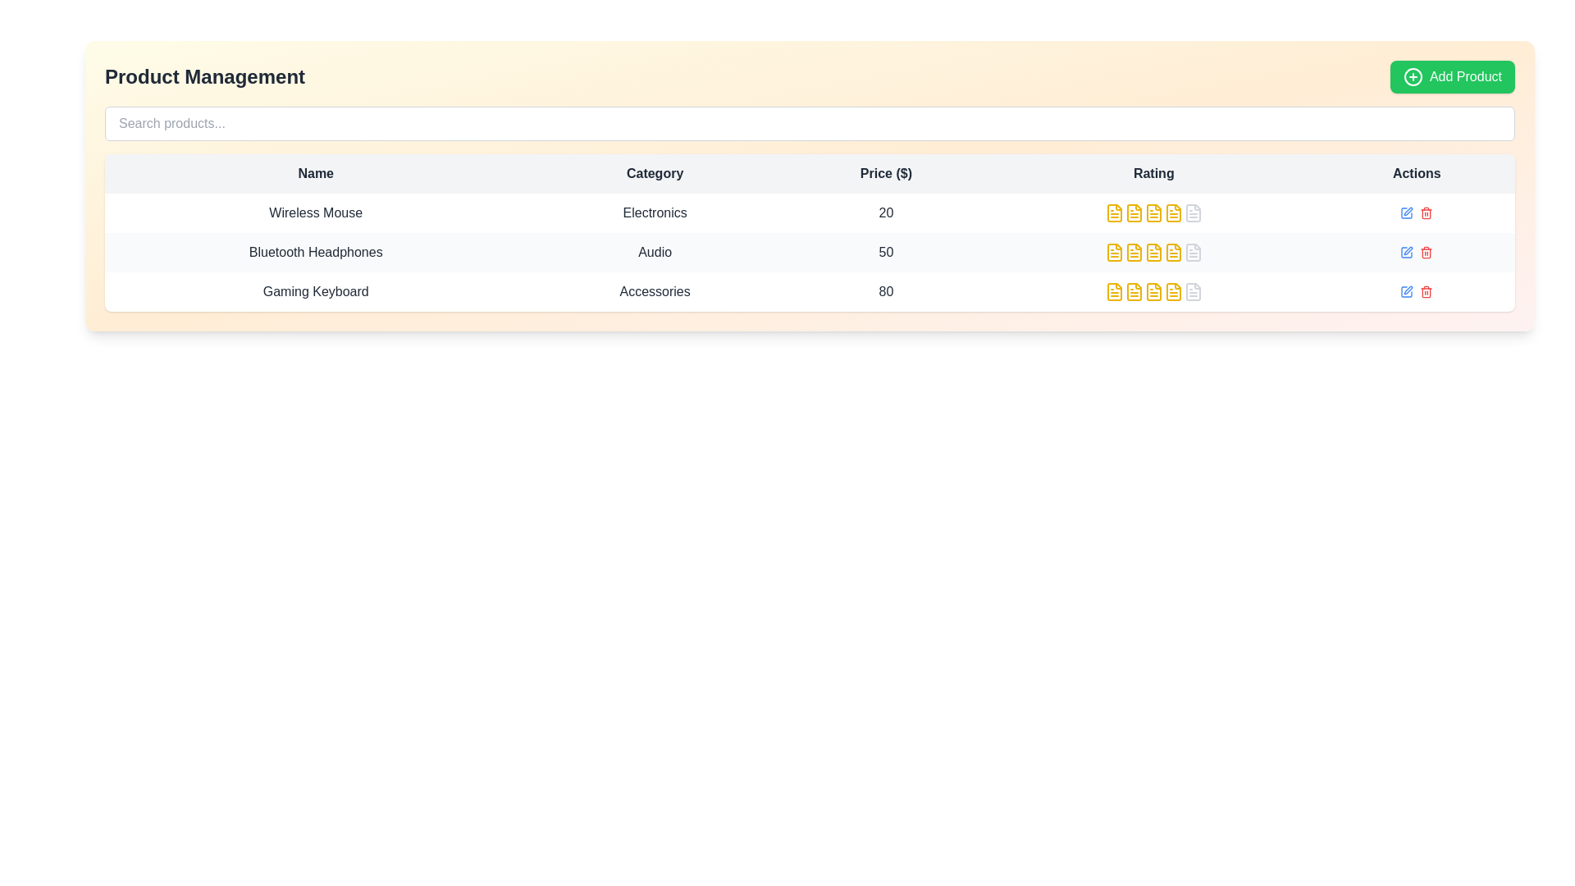  Describe the element at coordinates (810, 290) in the screenshot. I see `content displayed in the third row of the table, which includes 'Gaming Keyboard', 'Accessories', and '80', aligned centrally within its columns` at that location.